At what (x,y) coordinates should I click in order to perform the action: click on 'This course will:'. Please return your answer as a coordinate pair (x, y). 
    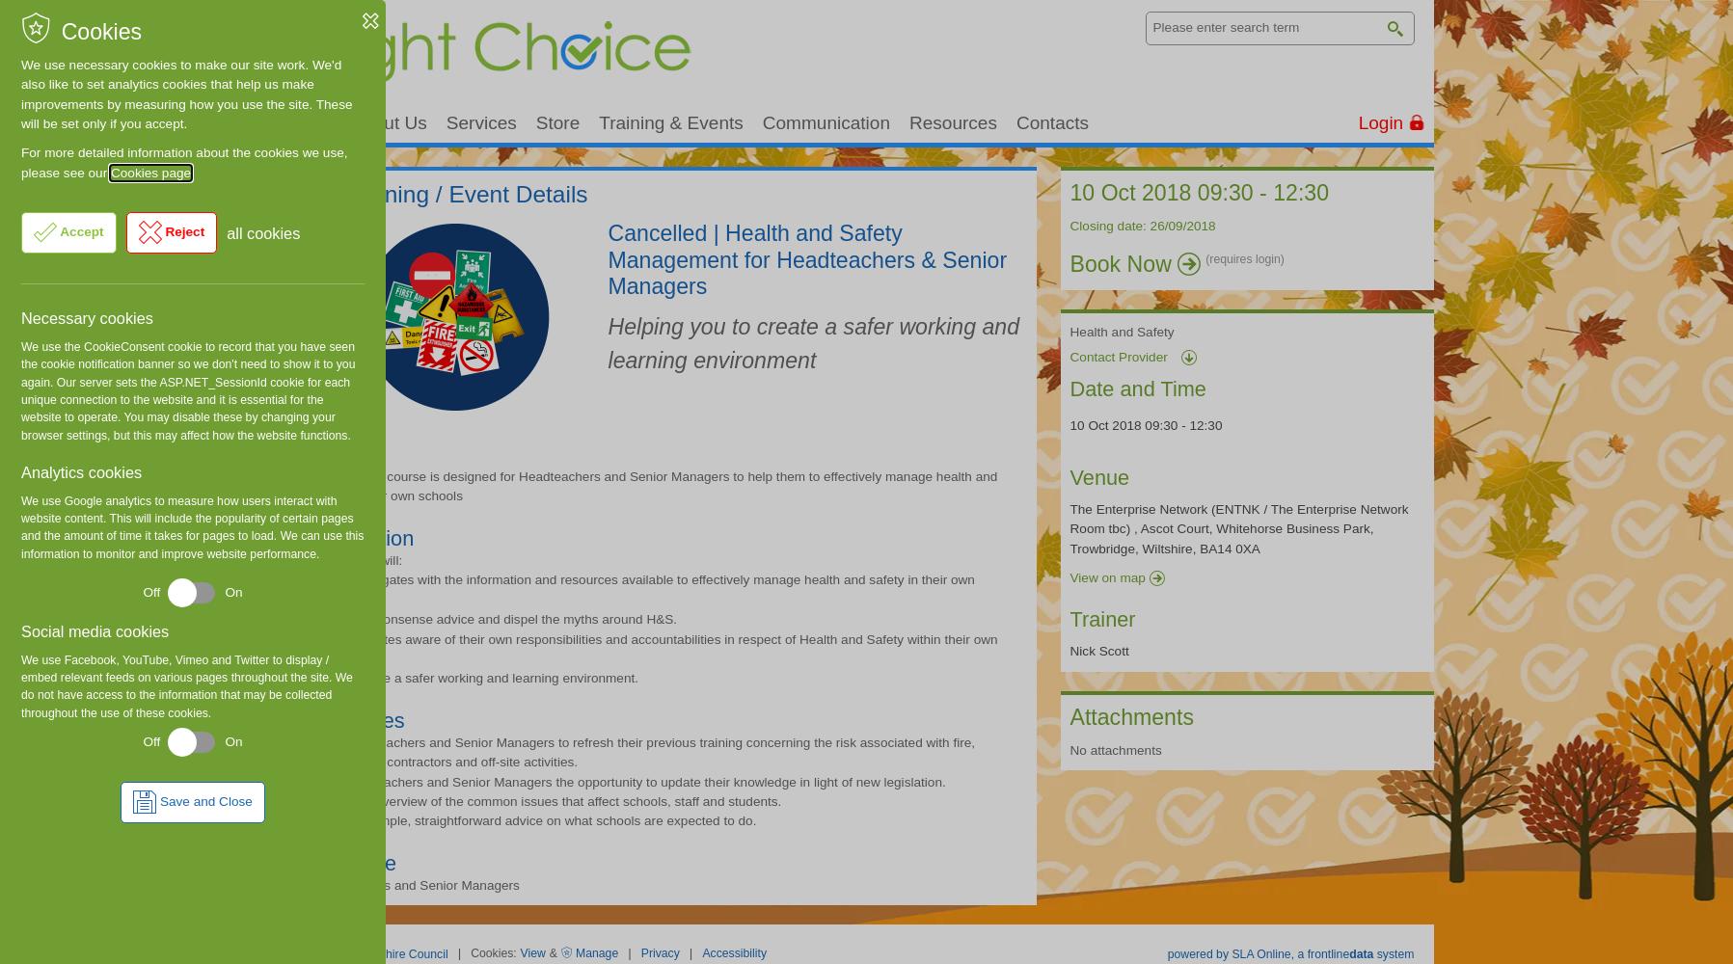
    Looking at the image, I should click on (309, 558).